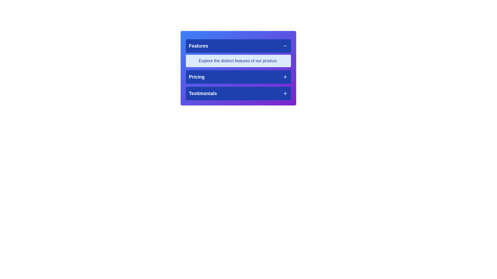 This screenshot has height=279, width=497. Describe the element at coordinates (285, 94) in the screenshot. I see `the plus sign icon button located at the right end of the 'Testimonials' block` at that location.